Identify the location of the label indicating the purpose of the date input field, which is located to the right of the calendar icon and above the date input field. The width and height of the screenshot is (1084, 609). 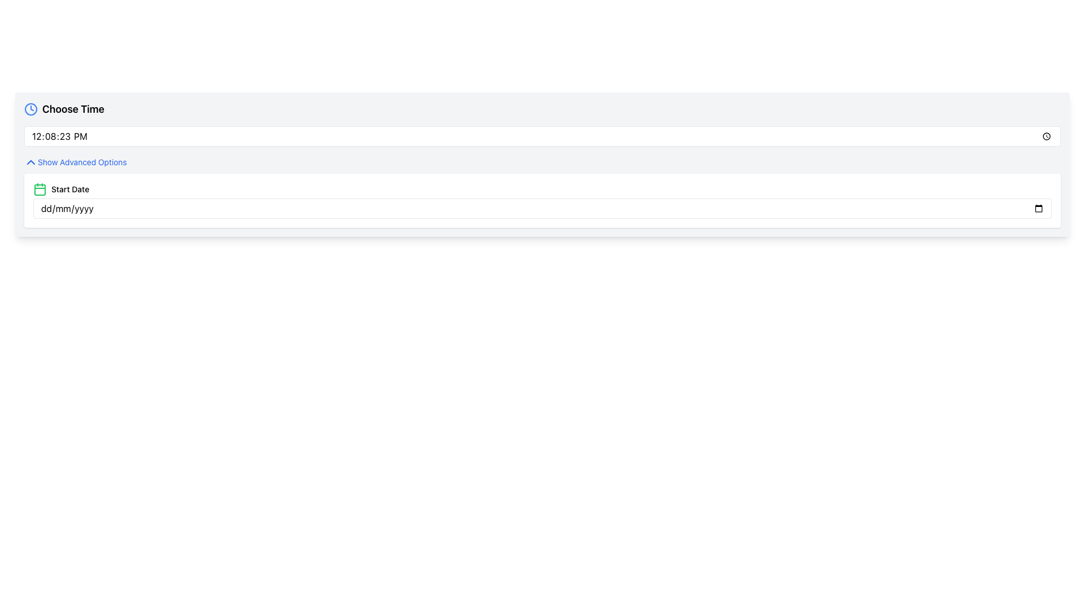
(69, 188).